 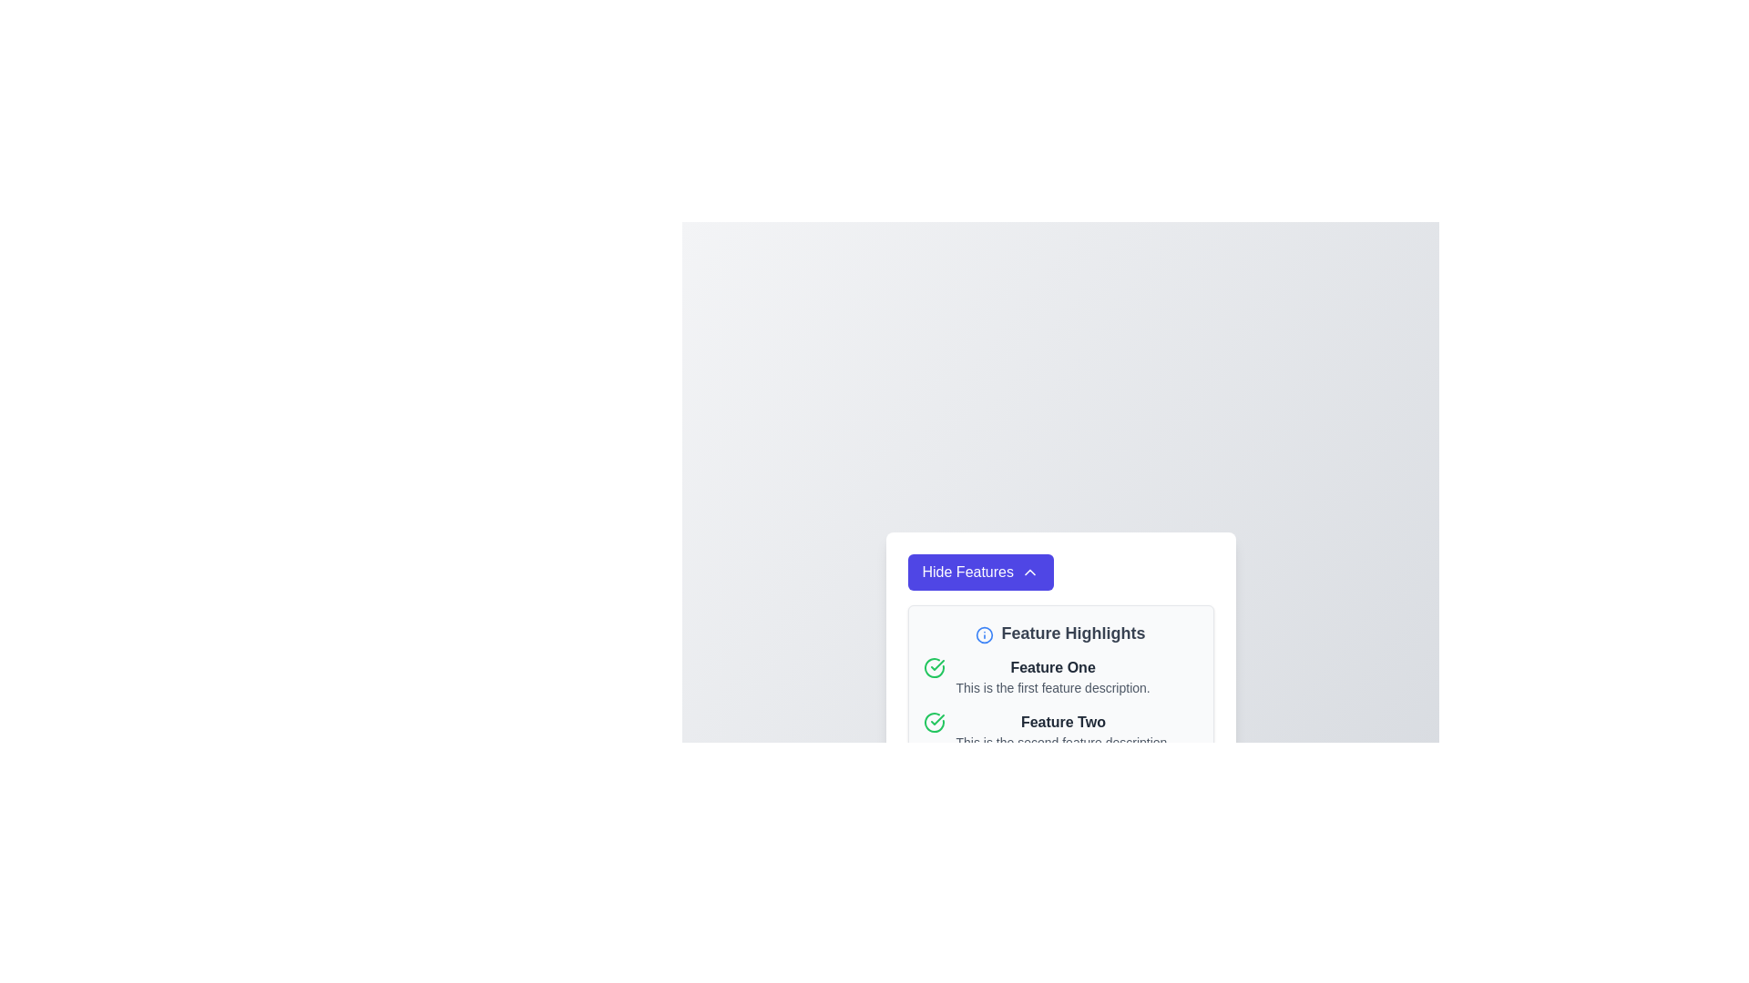 I want to click on header text or label located centrally in the lower section of the interface, which introduces or labels content related to features' highlights, so click(x=1073, y=632).